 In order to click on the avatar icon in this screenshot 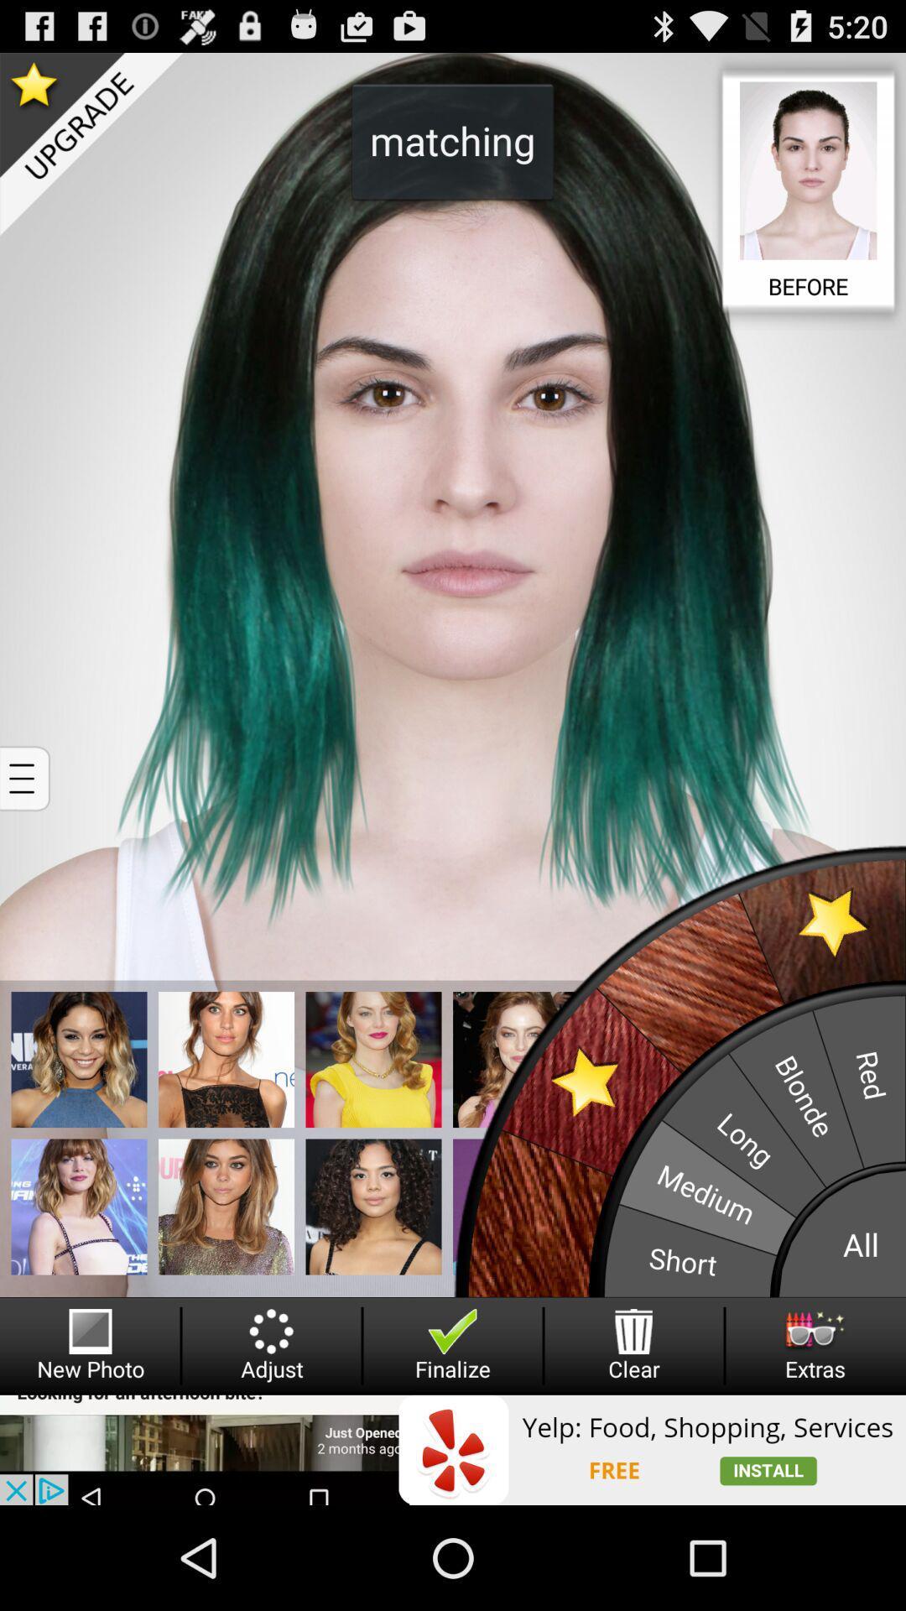, I will do `click(79, 1134)`.